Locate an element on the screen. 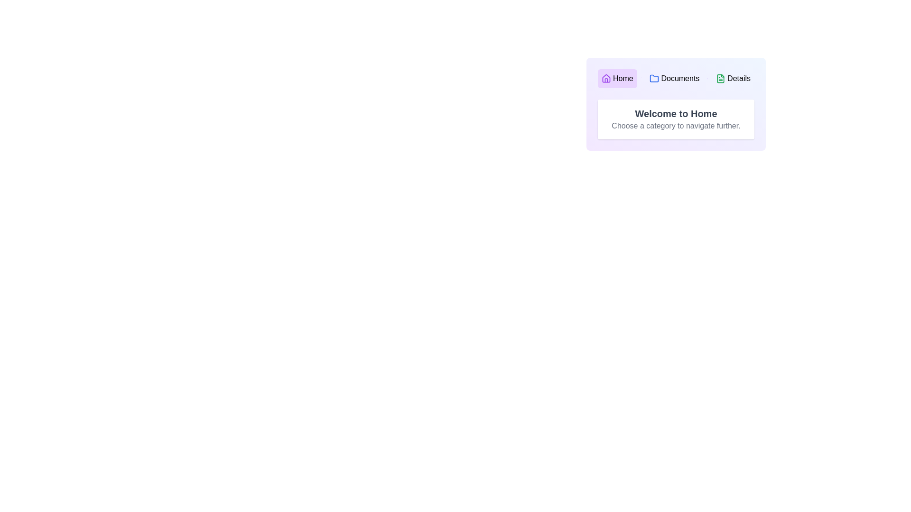 This screenshot has height=512, width=911. the house-shaped icon filled with purple in the 'Home' navigation tab is located at coordinates (605, 78).